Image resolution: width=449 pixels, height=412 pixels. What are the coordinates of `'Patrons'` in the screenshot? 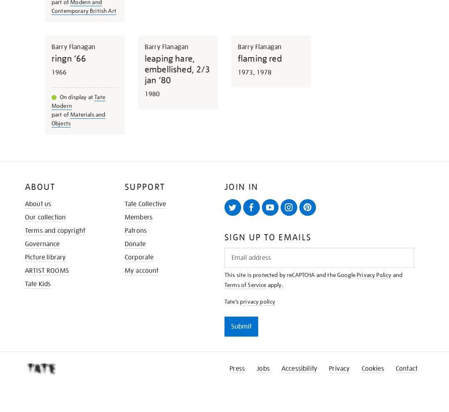 It's located at (135, 230).